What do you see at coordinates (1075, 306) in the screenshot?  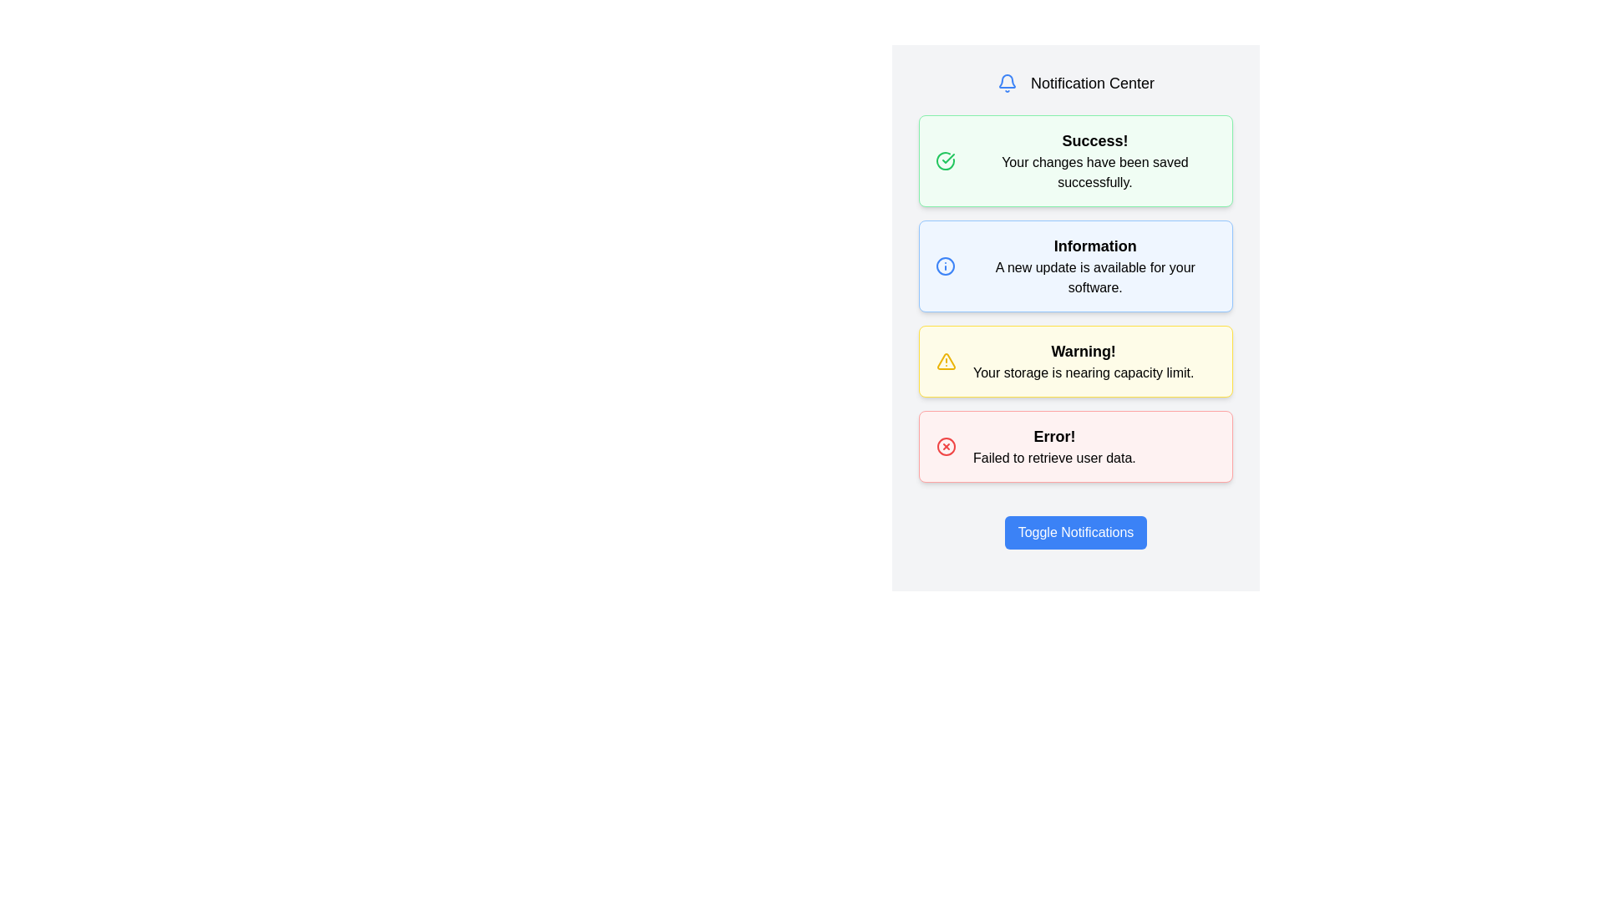 I see `the second notification card in the Notification Center that indicates a new software update is available` at bounding box center [1075, 306].